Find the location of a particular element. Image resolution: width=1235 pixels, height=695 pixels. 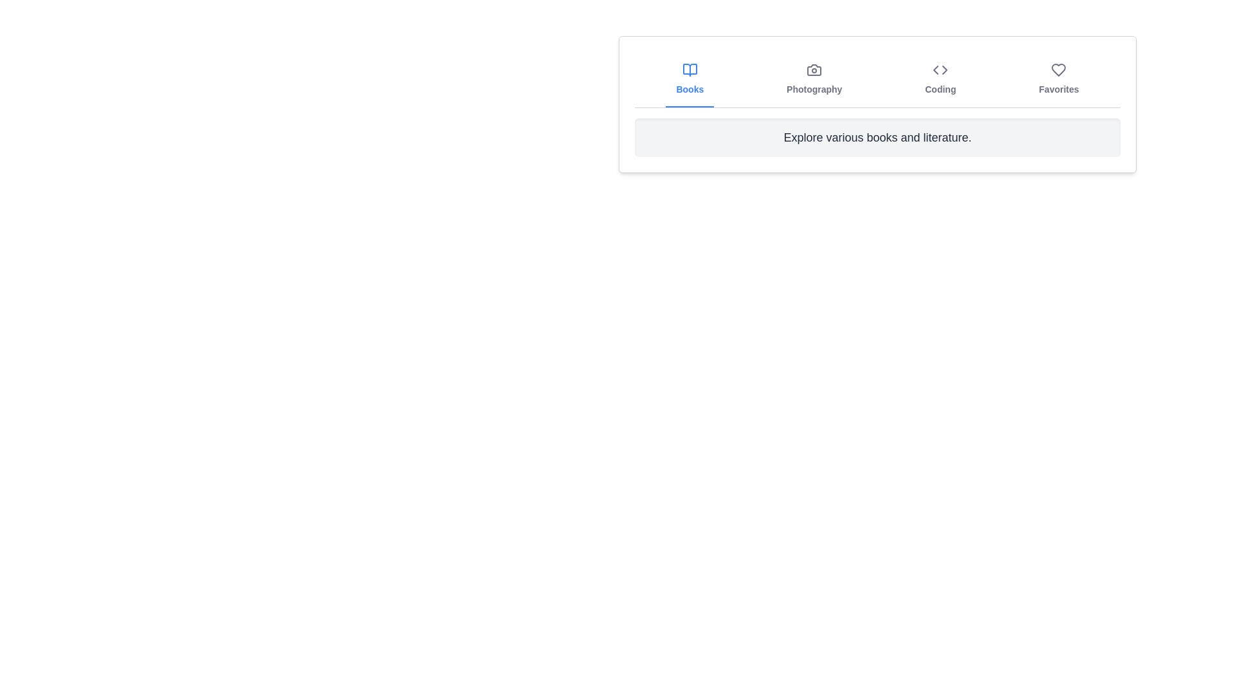

static text label displaying 'Favorites' located in the fourth segment of the top navigation menu, positioned below a heart-shaped icon is located at coordinates (1059, 88).